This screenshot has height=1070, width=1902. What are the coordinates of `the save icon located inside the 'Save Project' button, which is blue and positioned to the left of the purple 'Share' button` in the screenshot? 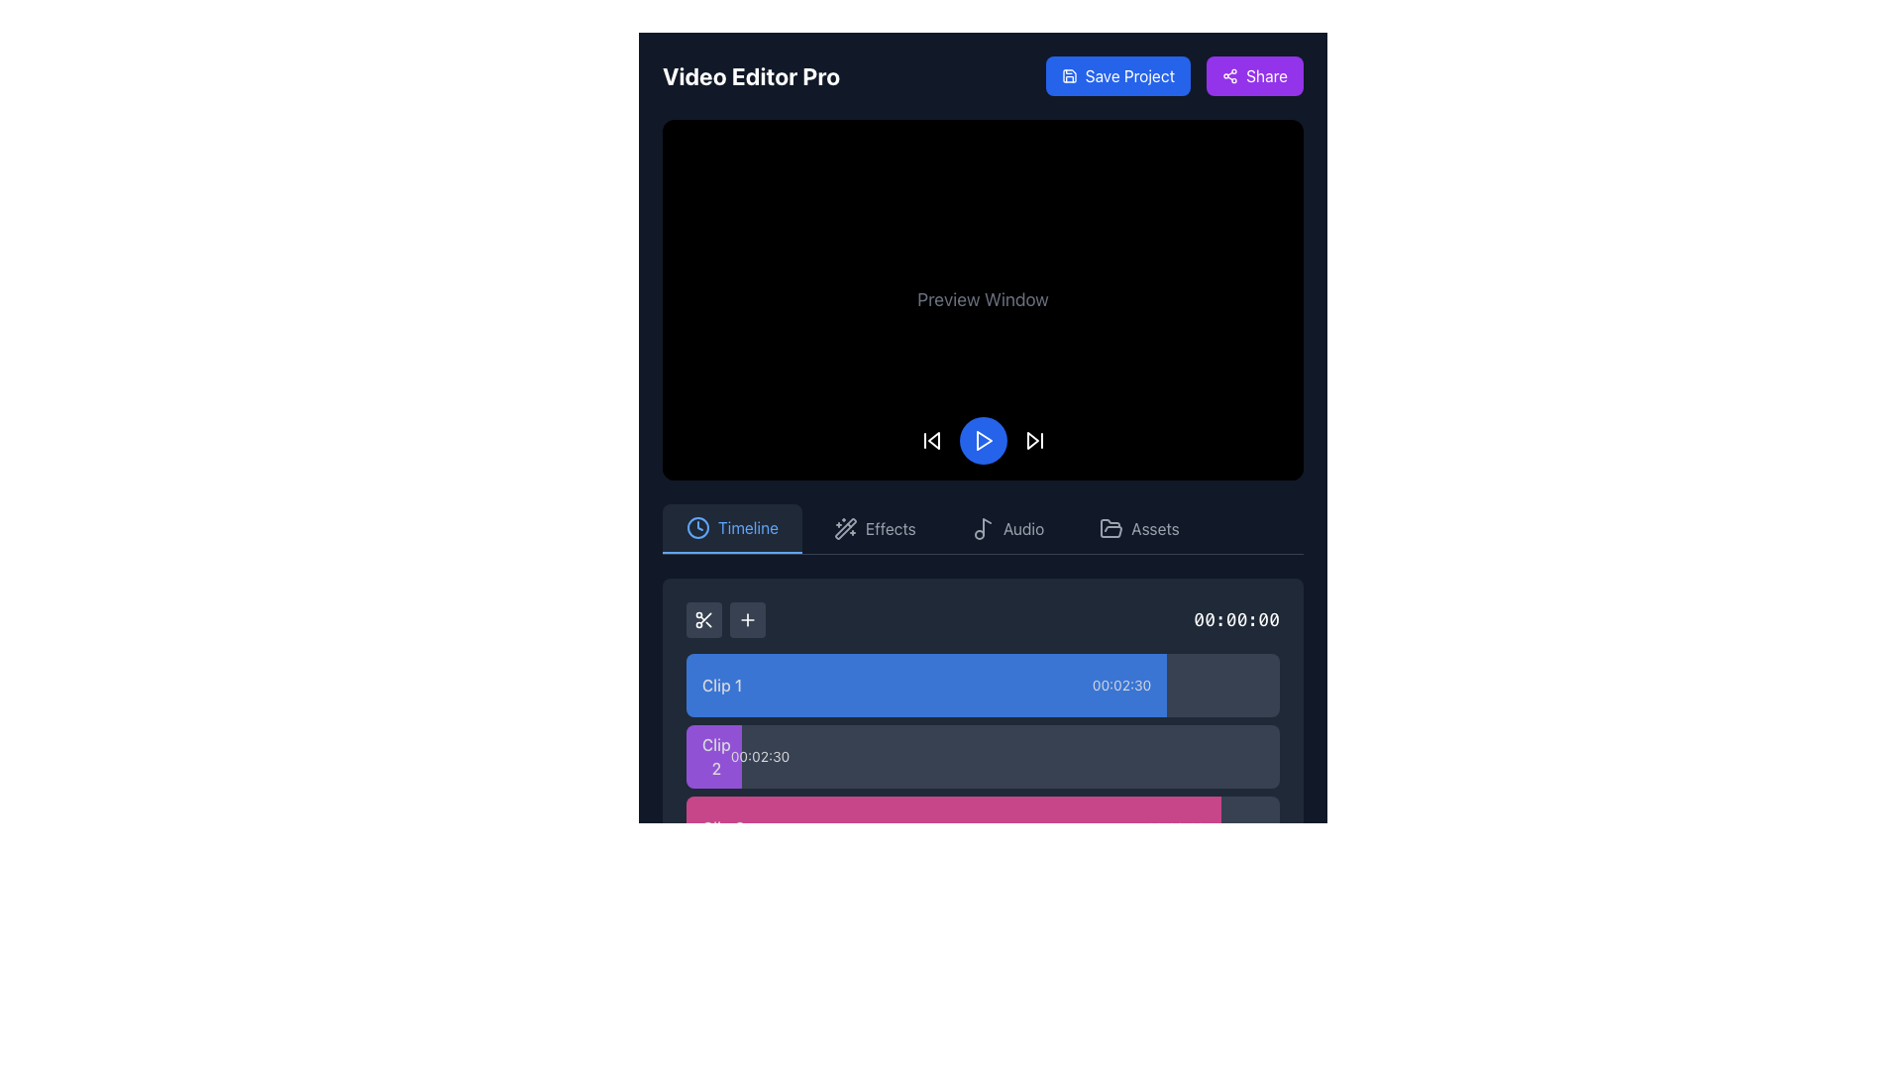 It's located at (1068, 75).